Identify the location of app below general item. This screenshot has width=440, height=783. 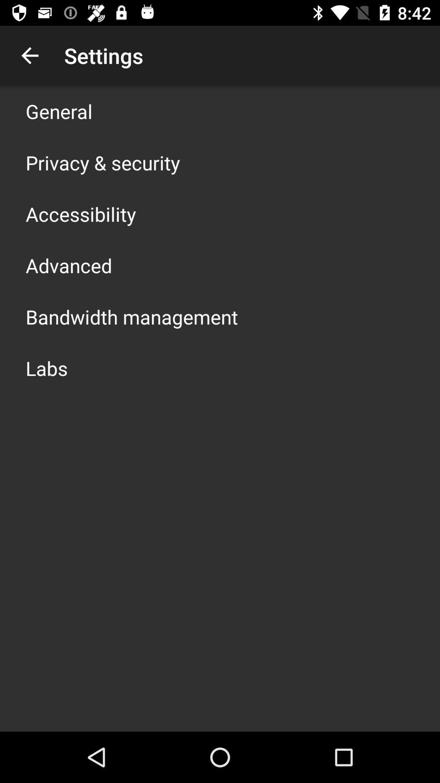
(102, 162).